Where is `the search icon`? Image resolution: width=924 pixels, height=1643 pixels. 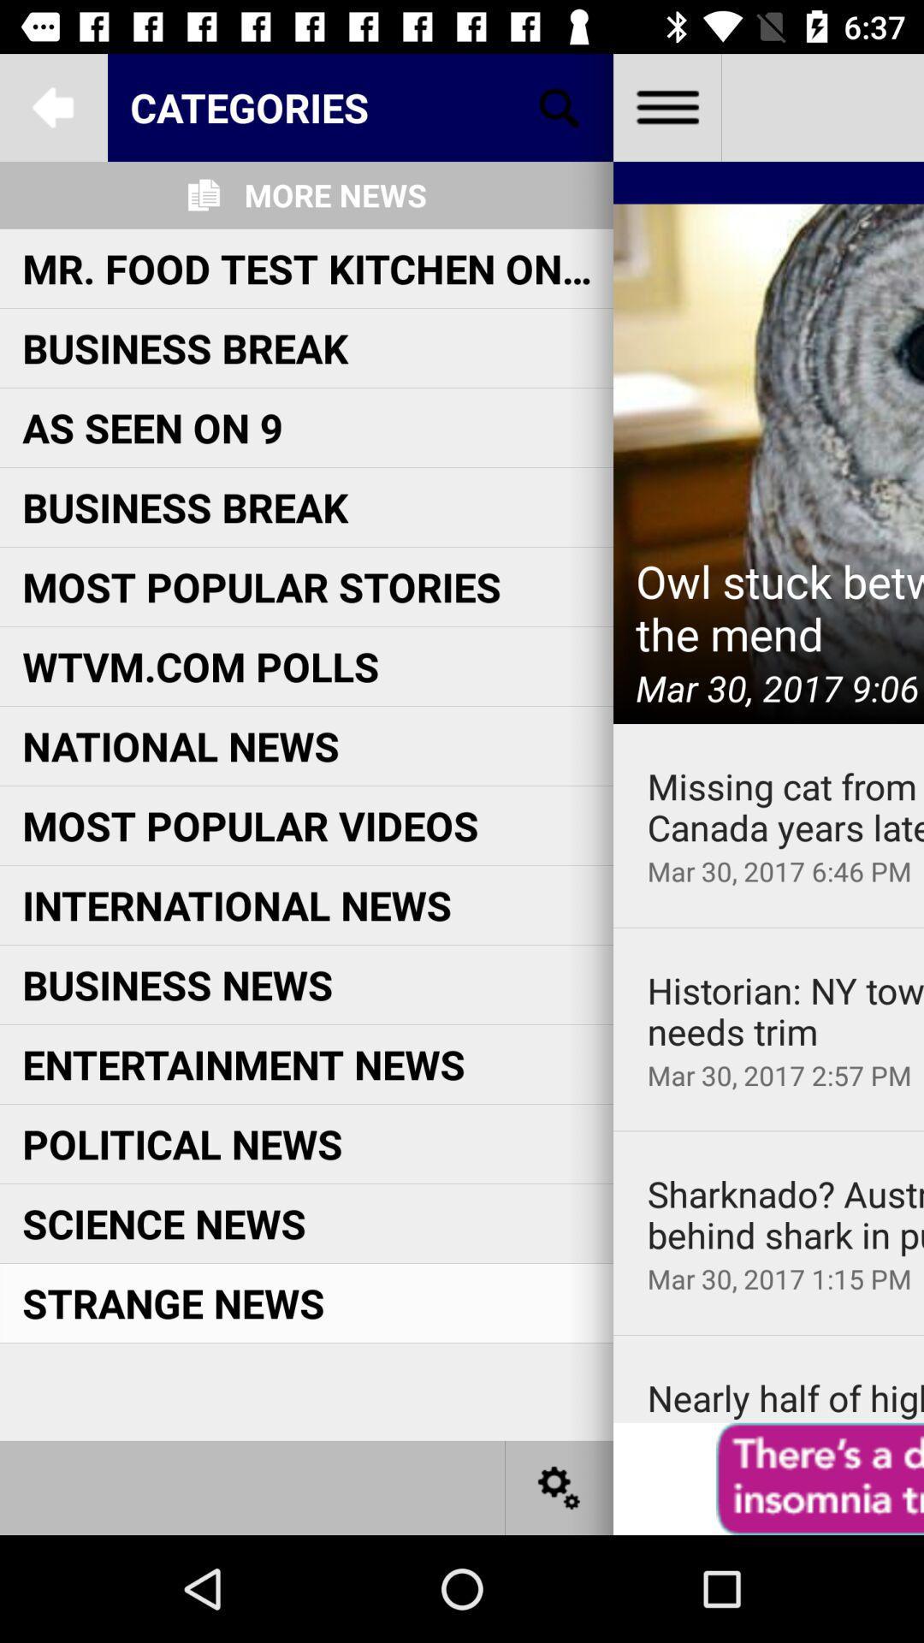 the search icon is located at coordinates (560, 106).